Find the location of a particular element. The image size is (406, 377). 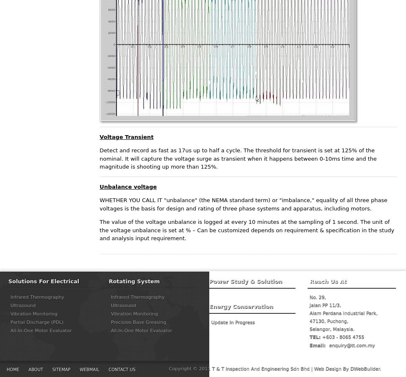

'TEL:' is located at coordinates (314, 336).